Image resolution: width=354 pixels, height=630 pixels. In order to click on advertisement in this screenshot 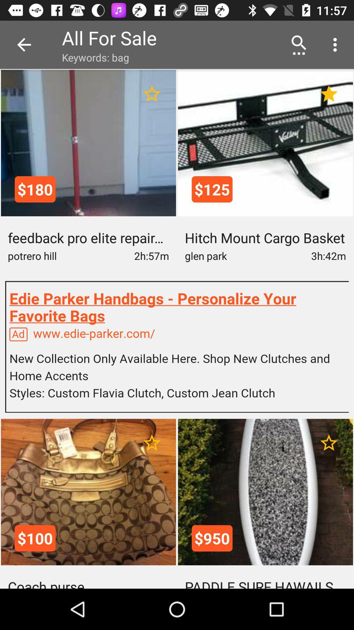, I will do `click(177, 346)`.